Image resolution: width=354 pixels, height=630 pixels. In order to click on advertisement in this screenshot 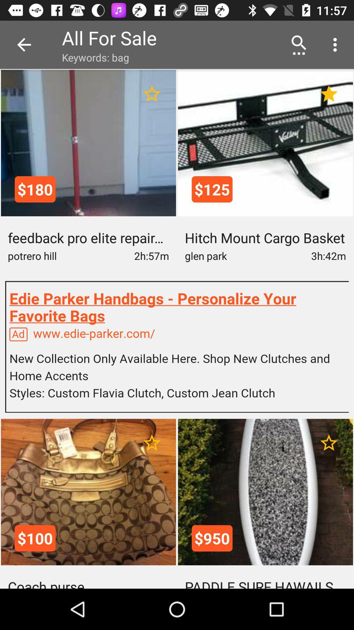, I will do `click(177, 346)`.